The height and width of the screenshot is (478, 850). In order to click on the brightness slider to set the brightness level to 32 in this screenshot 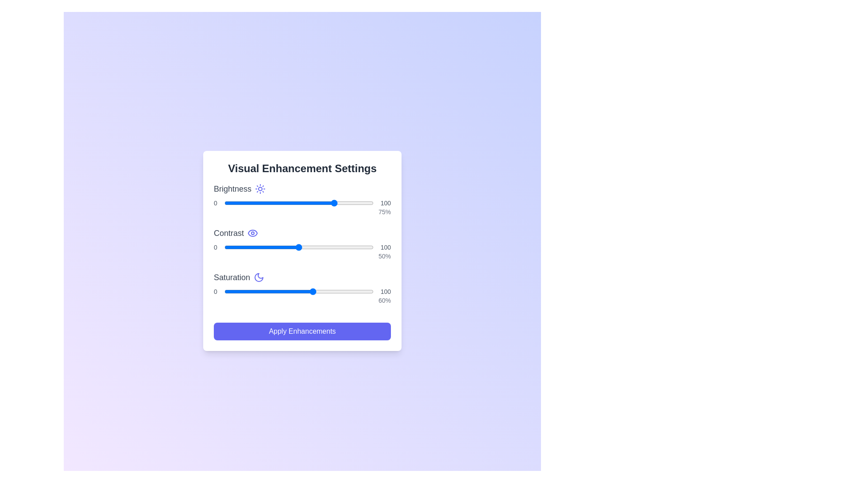, I will do `click(271, 203)`.